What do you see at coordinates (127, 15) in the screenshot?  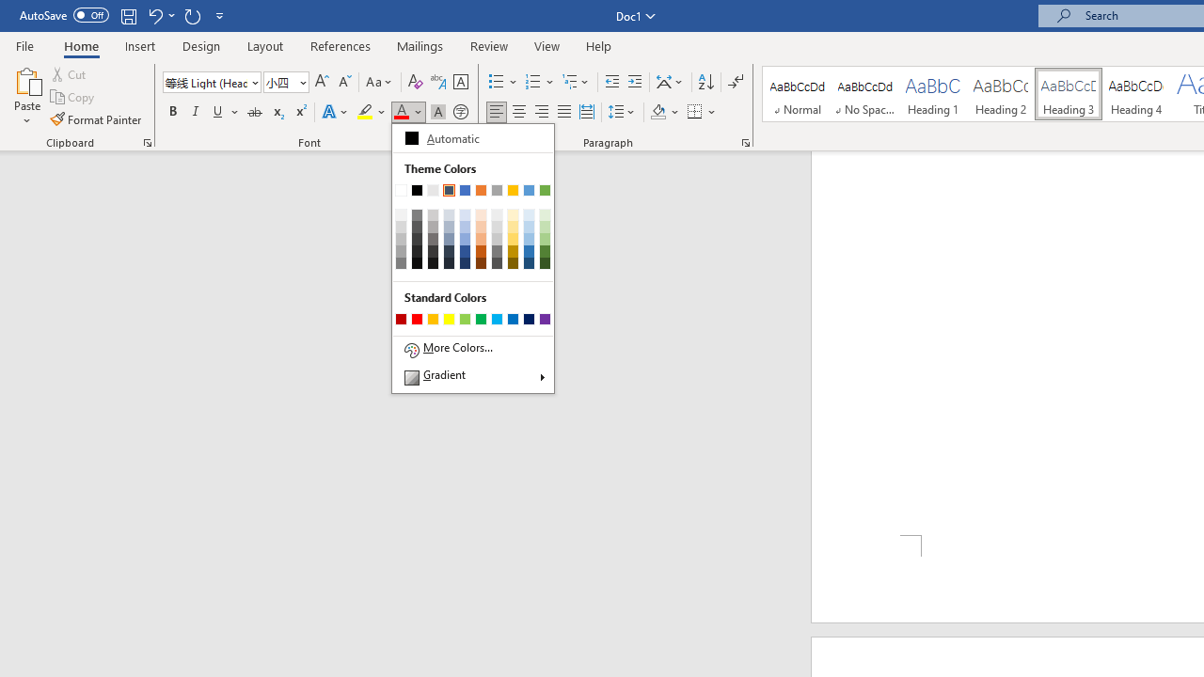 I see `'Save'` at bounding box center [127, 15].